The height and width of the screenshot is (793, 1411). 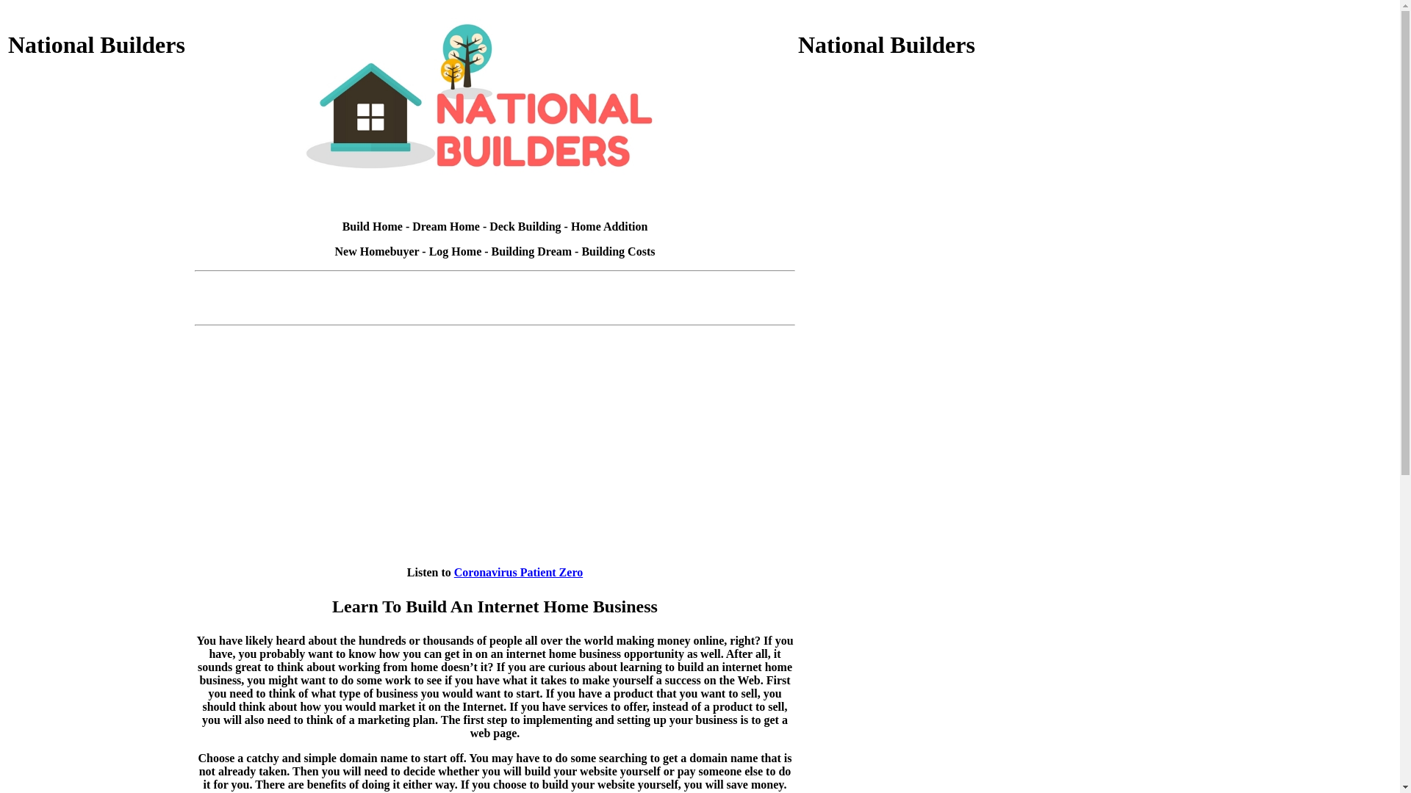 I want to click on 'Deck Building', so click(x=525, y=226).